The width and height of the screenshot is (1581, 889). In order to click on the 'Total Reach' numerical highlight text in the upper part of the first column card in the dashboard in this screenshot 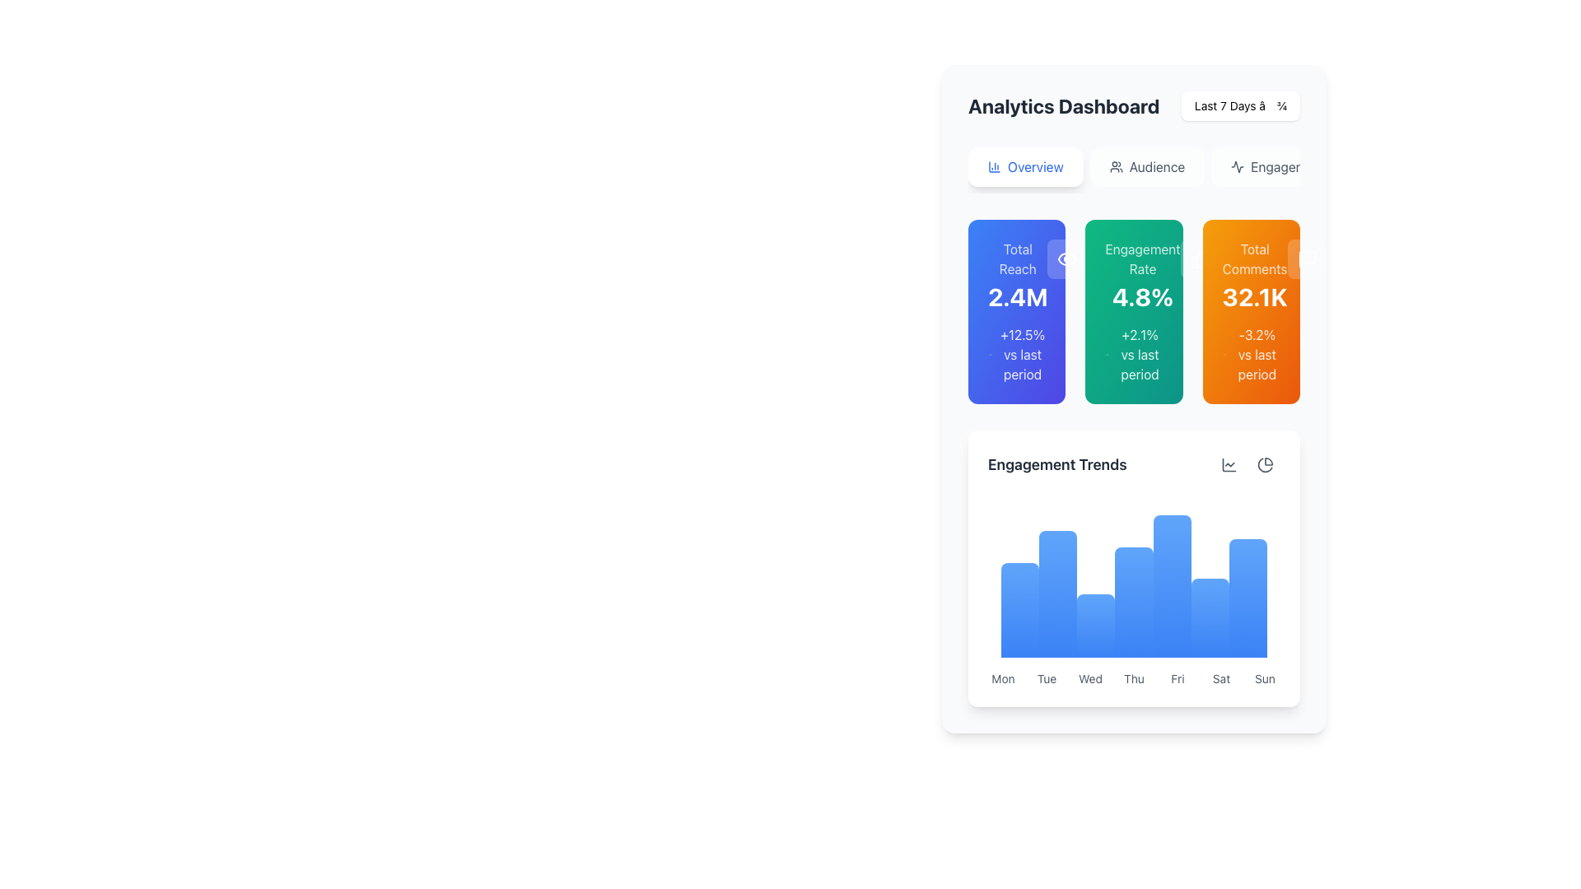, I will do `click(1016, 275)`.